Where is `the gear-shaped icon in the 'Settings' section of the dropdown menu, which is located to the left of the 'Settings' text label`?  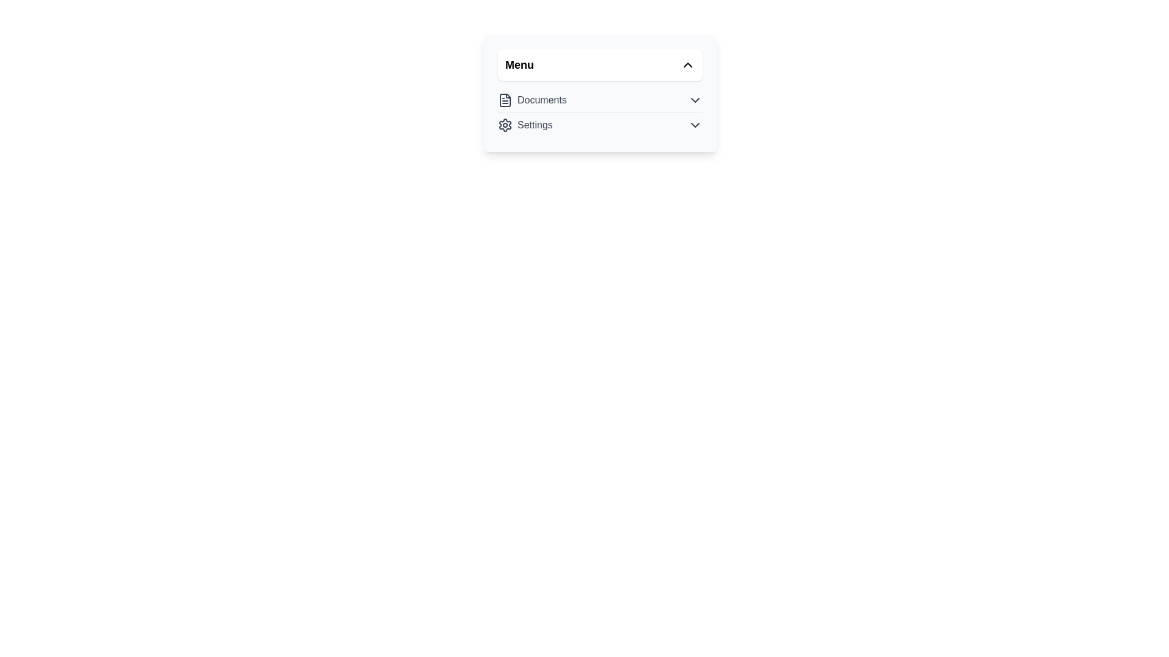
the gear-shaped icon in the 'Settings' section of the dropdown menu, which is located to the left of the 'Settings' text label is located at coordinates (505, 125).